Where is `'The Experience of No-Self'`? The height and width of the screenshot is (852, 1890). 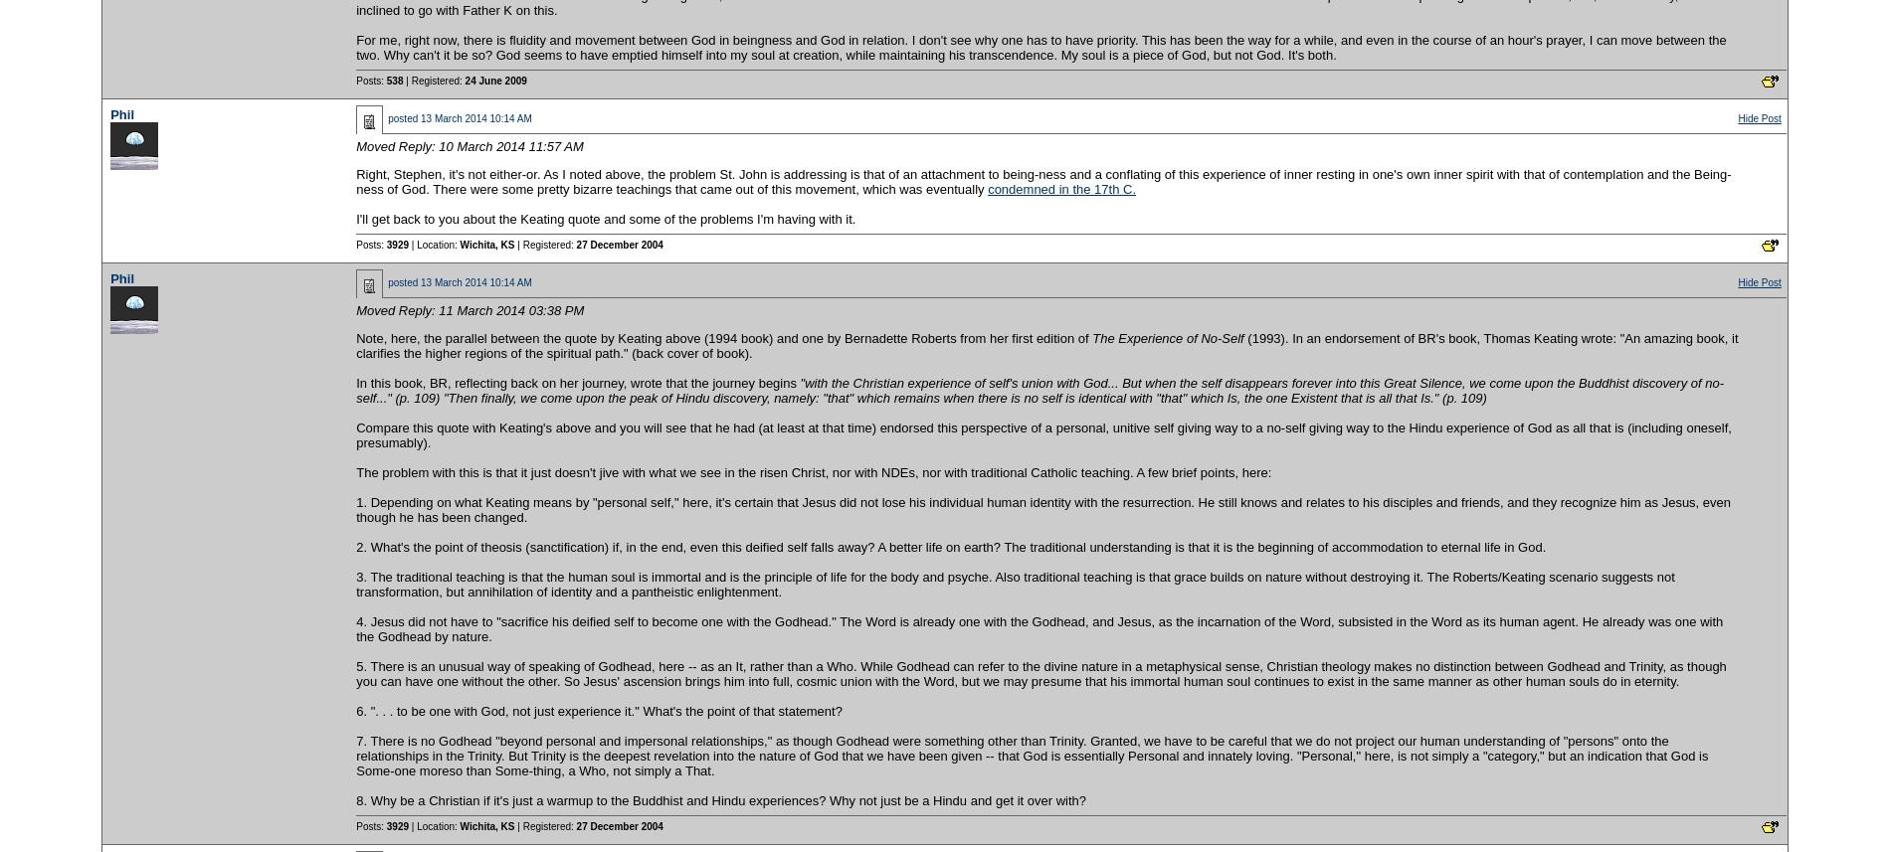
'The Experience of No-Self' is located at coordinates (1168, 337).